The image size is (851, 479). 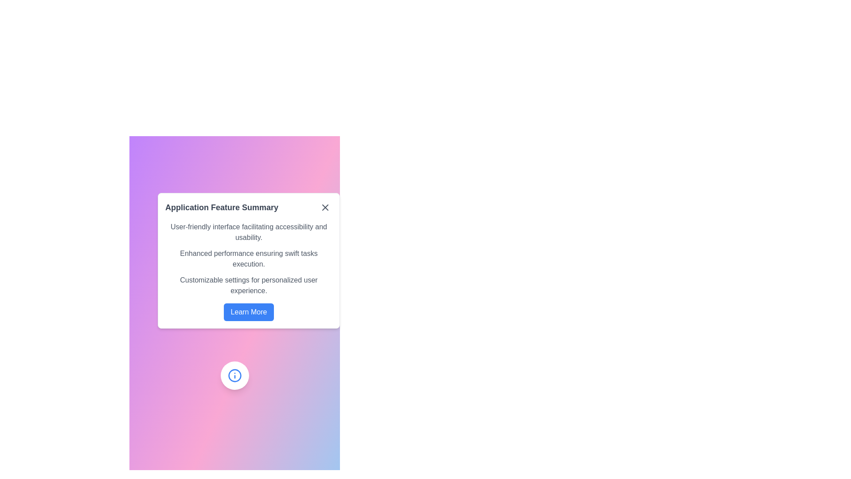 What do you see at coordinates (248, 312) in the screenshot?
I see `the 'Learn More' button, which is a rectangular button with rounded corners, blue background, and white text, positioned at the bottom center of the modal box` at bounding box center [248, 312].